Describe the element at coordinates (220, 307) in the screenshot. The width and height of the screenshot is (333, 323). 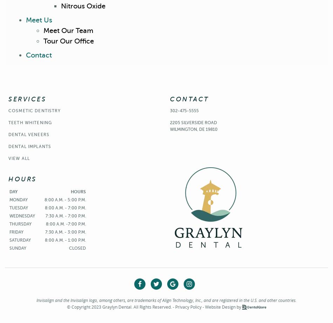
I see `'Website Design'` at that location.